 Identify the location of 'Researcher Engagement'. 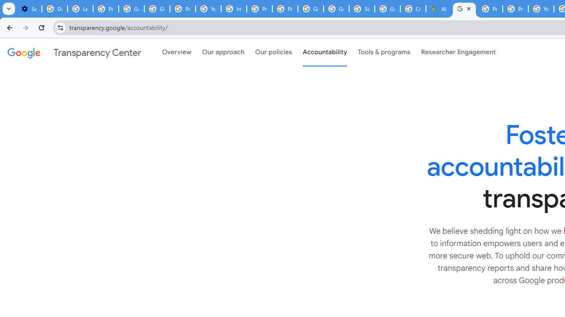
(458, 52).